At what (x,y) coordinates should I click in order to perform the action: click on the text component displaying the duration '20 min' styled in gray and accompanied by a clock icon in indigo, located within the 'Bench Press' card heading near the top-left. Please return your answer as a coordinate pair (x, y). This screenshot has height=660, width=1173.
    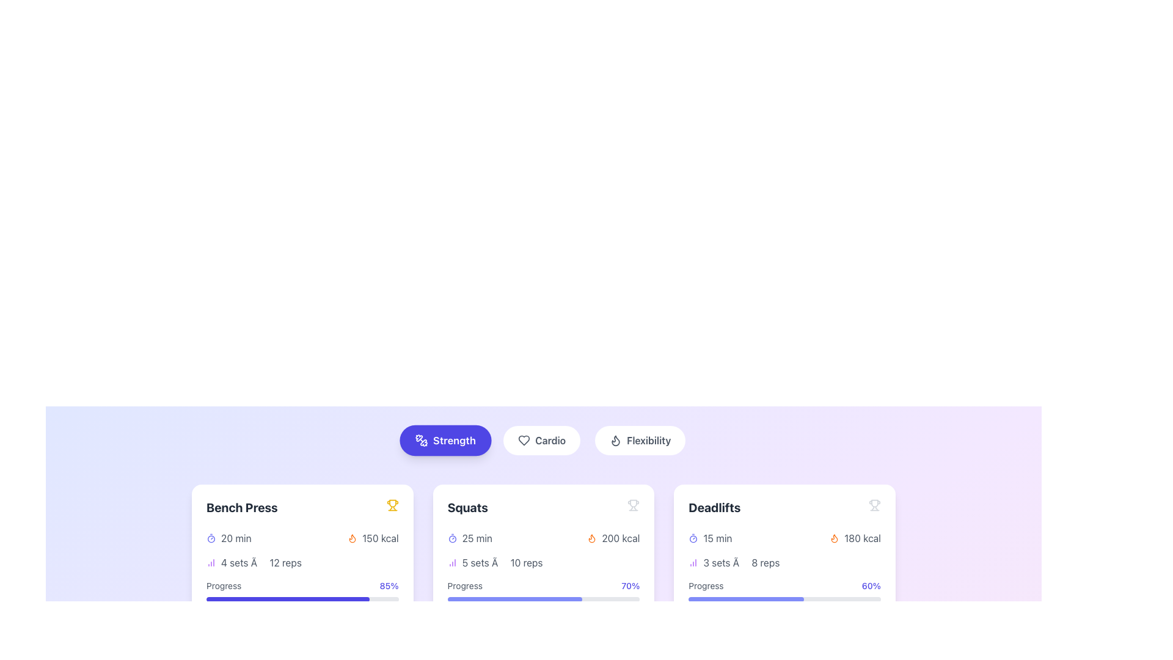
    Looking at the image, I should click on (228, 537).